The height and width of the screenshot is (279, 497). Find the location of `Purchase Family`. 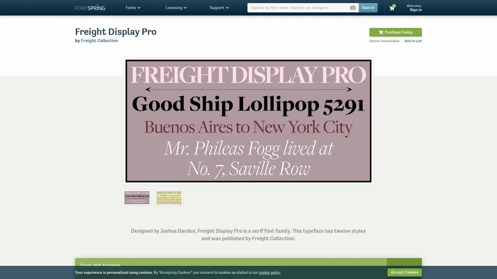

Purchase Family is located at coordinates (395, 32).